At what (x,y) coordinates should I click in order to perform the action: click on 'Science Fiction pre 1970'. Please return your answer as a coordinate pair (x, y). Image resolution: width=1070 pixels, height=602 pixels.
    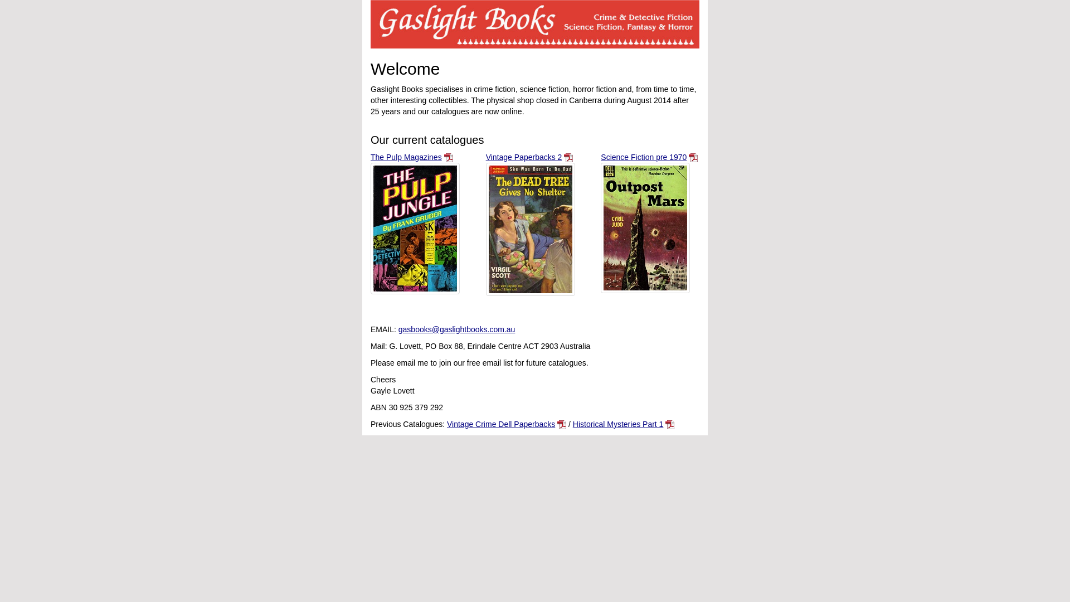
    Looking at the image, I should click on (600, 157).